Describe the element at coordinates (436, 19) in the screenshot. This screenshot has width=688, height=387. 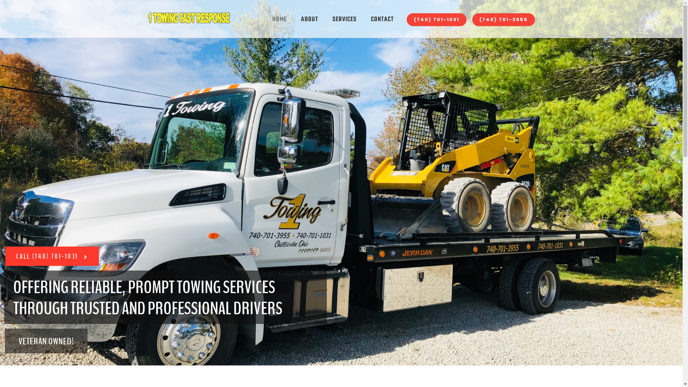
I see `'(740) 701-1031'` at that location.